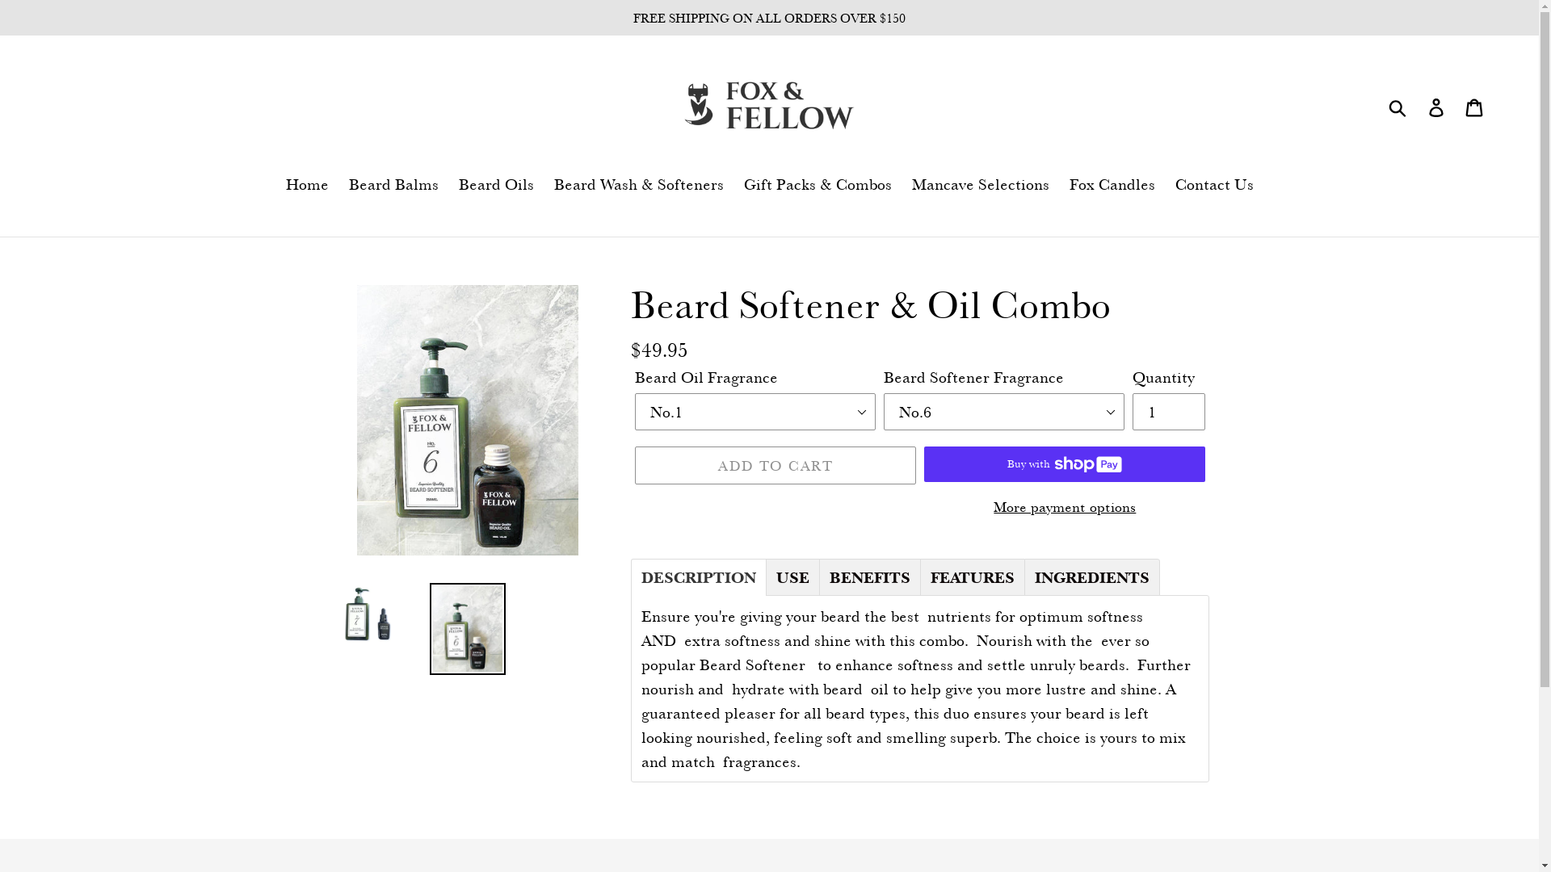  What do you see at coordinates (640, 576) in the screenshot?
I see `'DESCRIPTION'` at bounding box center [640, 576].